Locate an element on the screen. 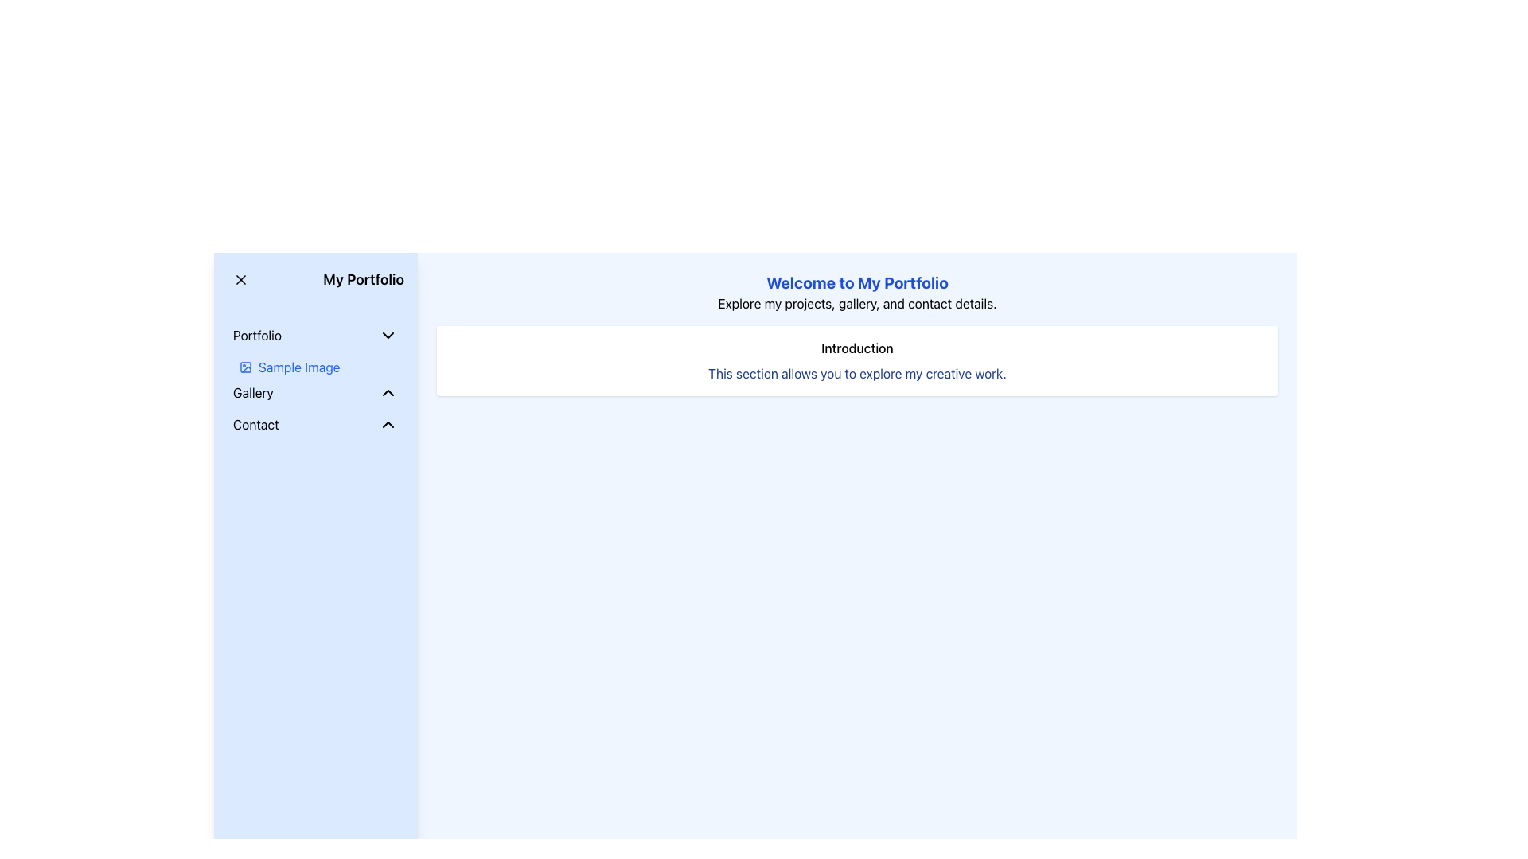 The width and height of the screenshot is (1528, 859). the navigation link labeled 'Sample Image' located under the 'Portfolio' menu in the navigation panel is located at coordinates (315, 348).